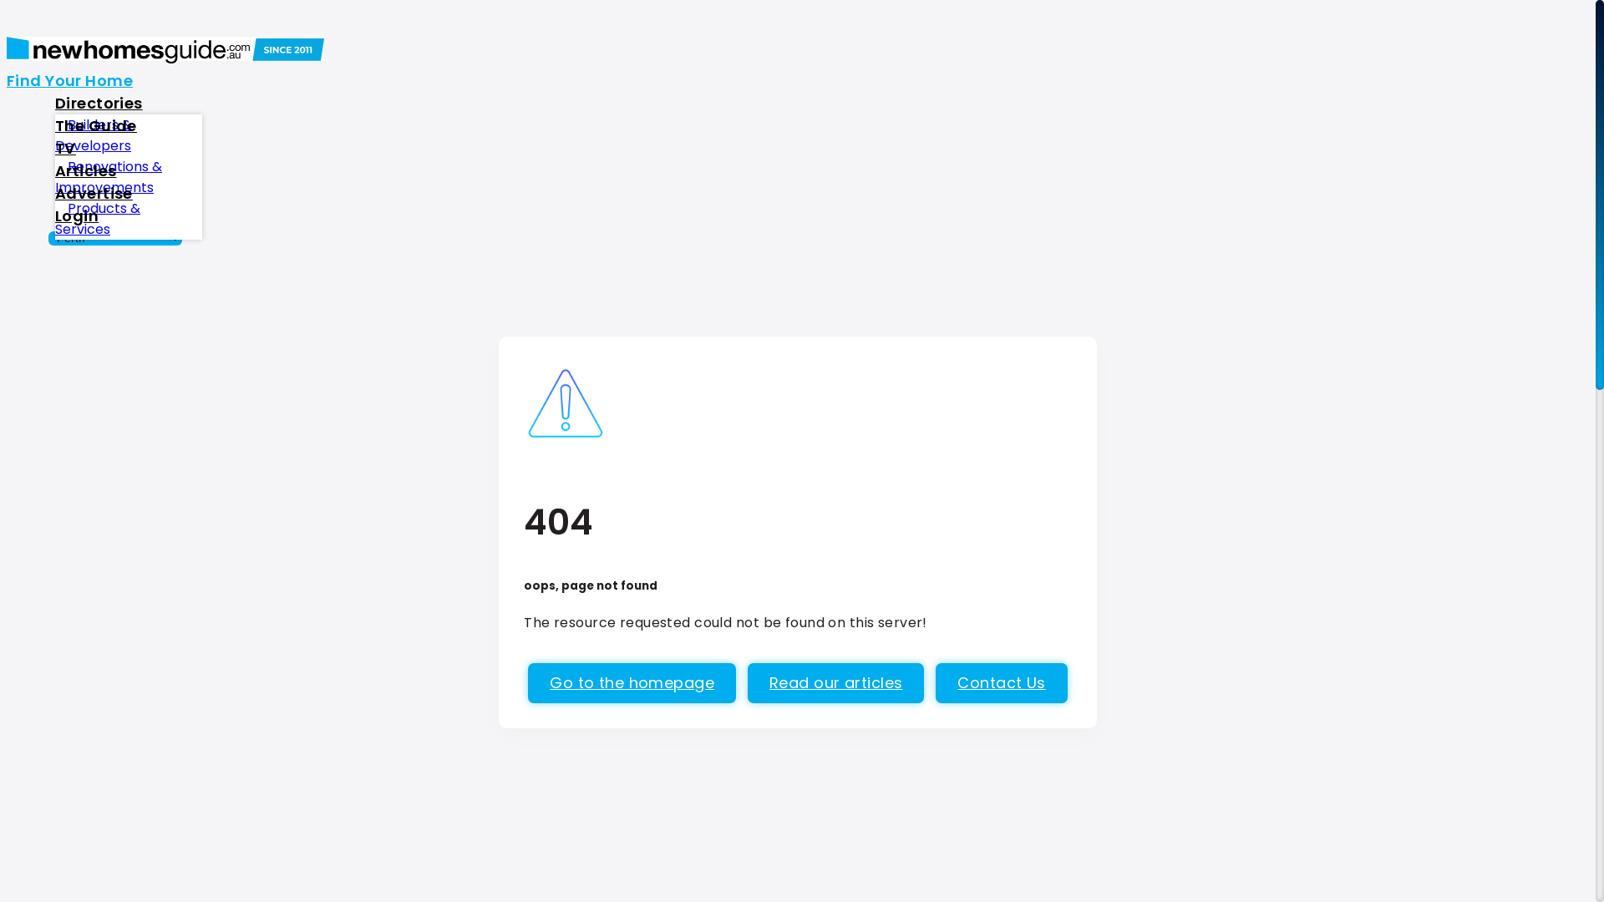 Image resolution: width=1604 pixels, height=902 pixels. What do you see at coordinates (84, 170) in the screenshot?
I see `'Articles'` at bounding box center [84, 170].